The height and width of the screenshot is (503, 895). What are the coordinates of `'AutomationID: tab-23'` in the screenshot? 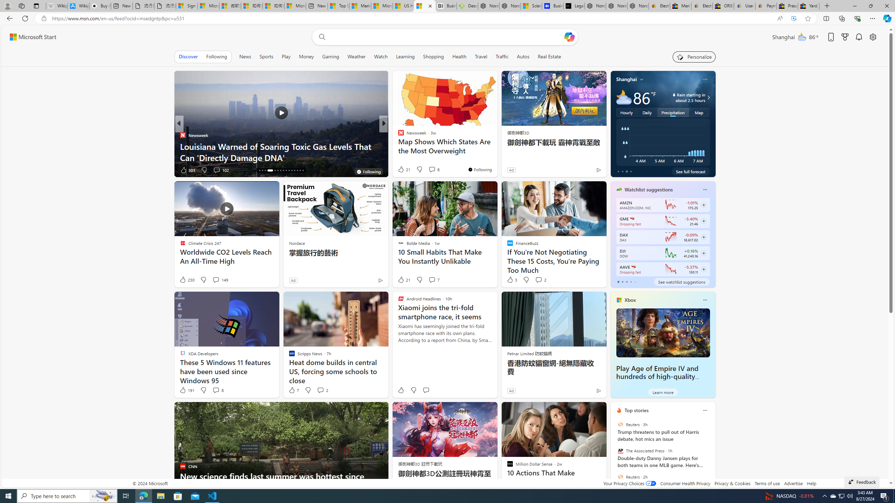 It's located at (283, 170).